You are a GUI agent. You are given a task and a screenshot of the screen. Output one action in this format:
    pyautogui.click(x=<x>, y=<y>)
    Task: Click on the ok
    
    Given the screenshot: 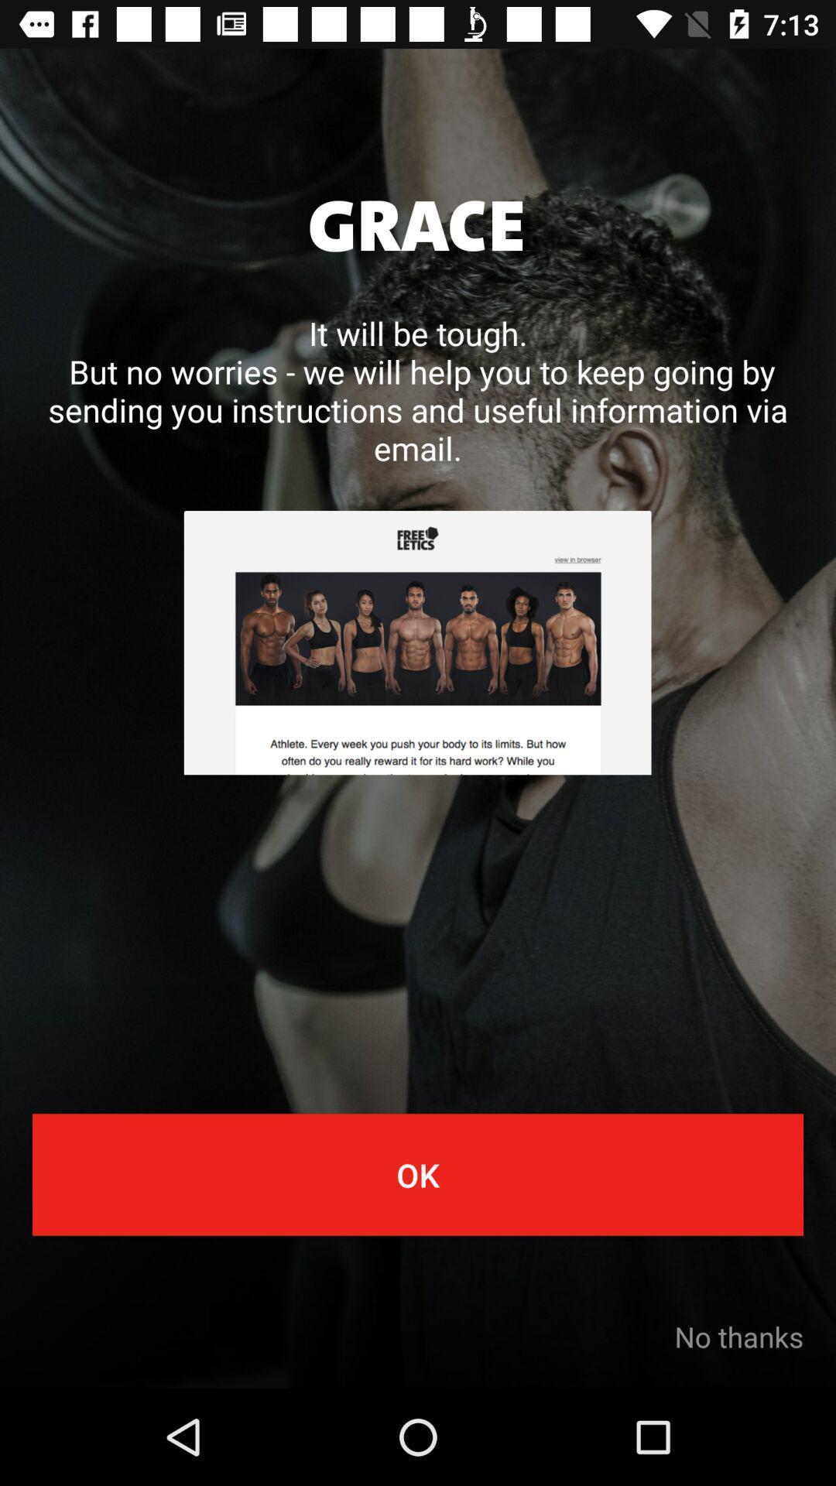 What is the action you would take?
    pyautogui.click(x=418, y=1174)
    